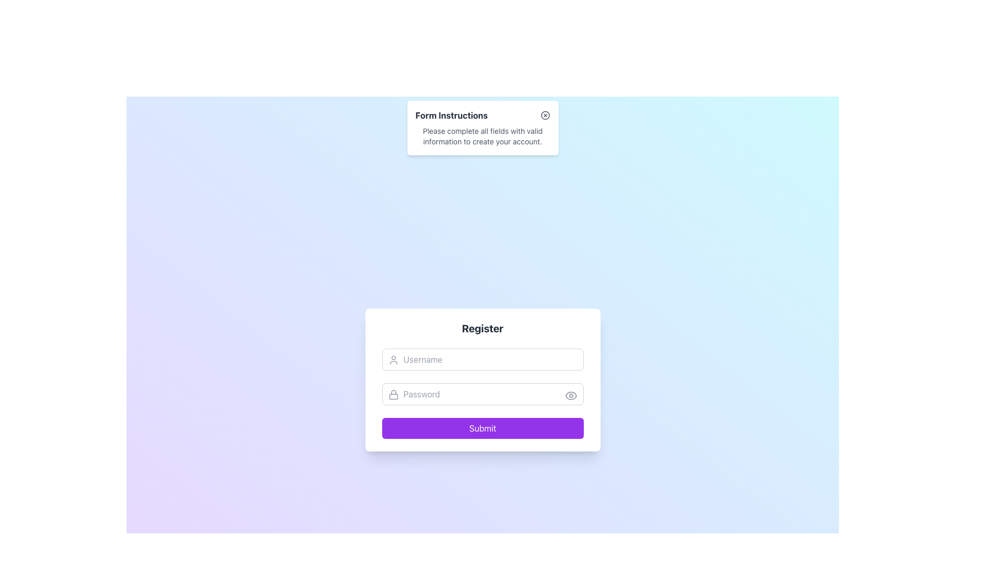  I want to click on the eye-shaped icon button on the far right of the password input field, so click(570, 395).